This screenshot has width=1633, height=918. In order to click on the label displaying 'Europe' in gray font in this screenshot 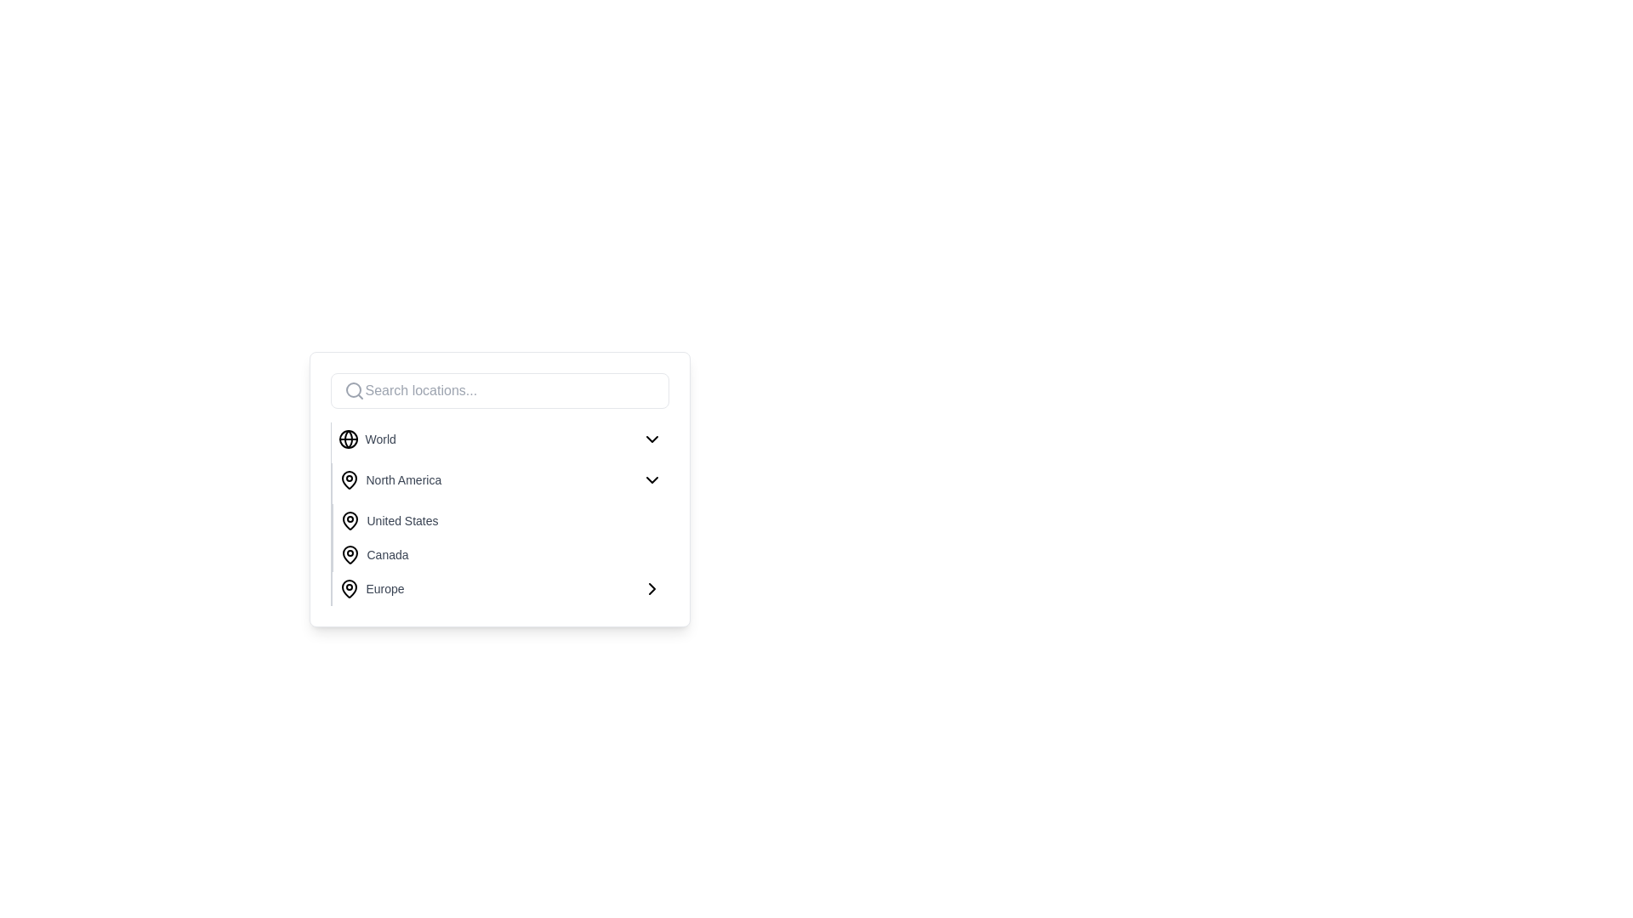, I will do `click(384, 588)`.